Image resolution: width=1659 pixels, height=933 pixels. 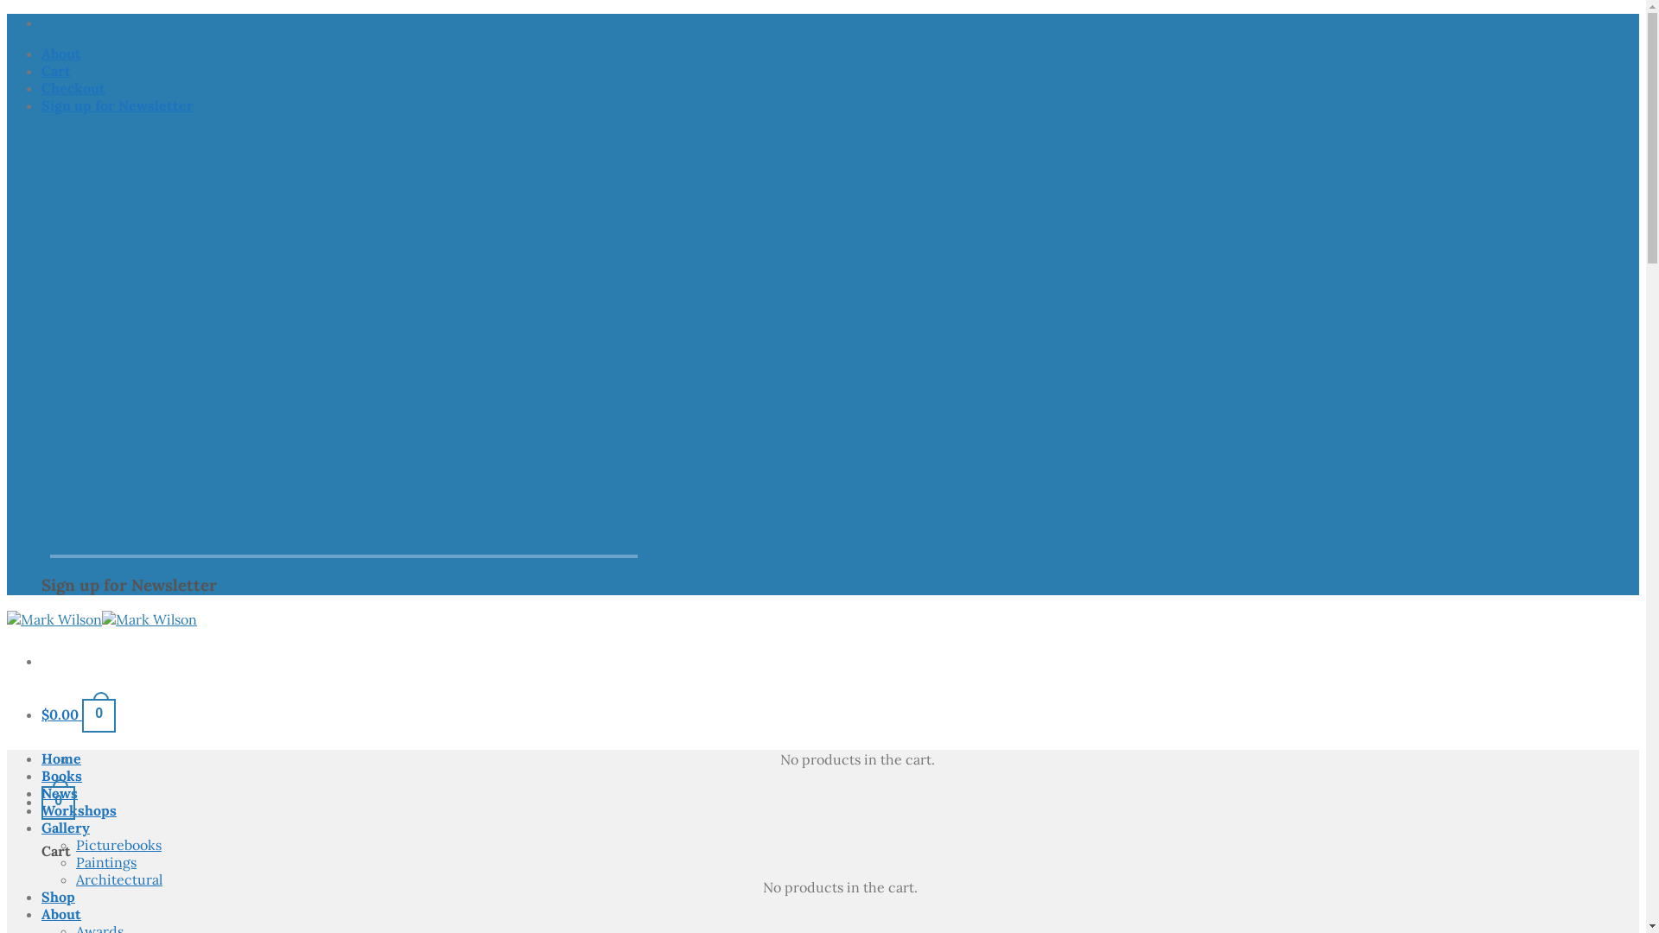 What do you see at coordinates (105, 862) in the screenshot?
I see `'Paintings'` at bounding box center [105, 862].